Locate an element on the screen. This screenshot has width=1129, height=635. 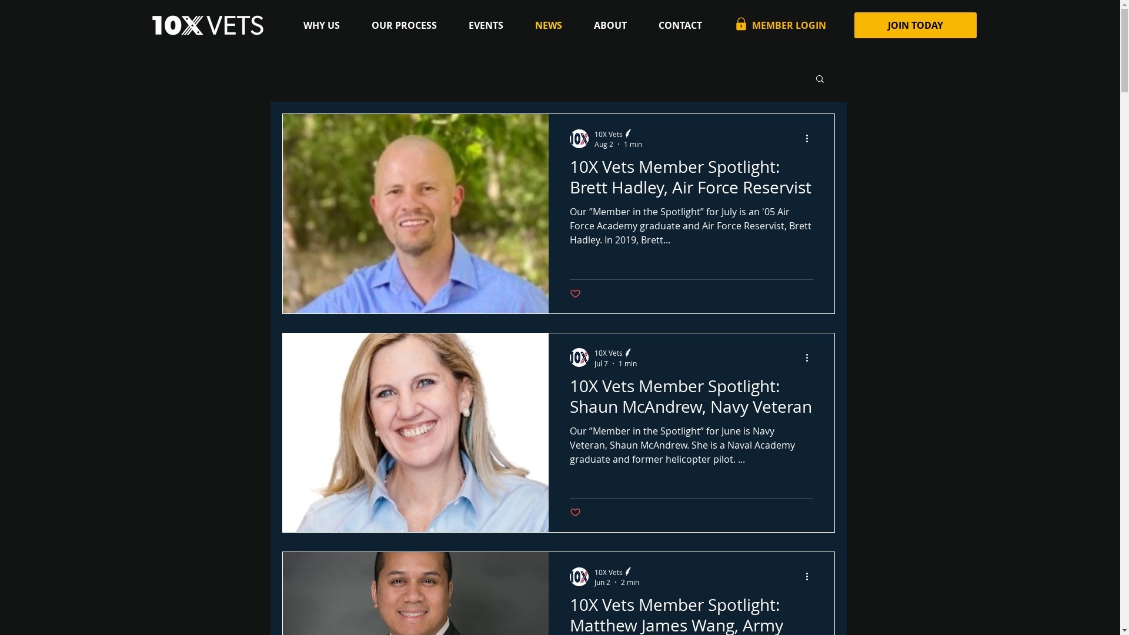
'10X Vets Member Spotlight: Shaun McAndrew, Navy Veteran' is located at coordinates (691, 399).